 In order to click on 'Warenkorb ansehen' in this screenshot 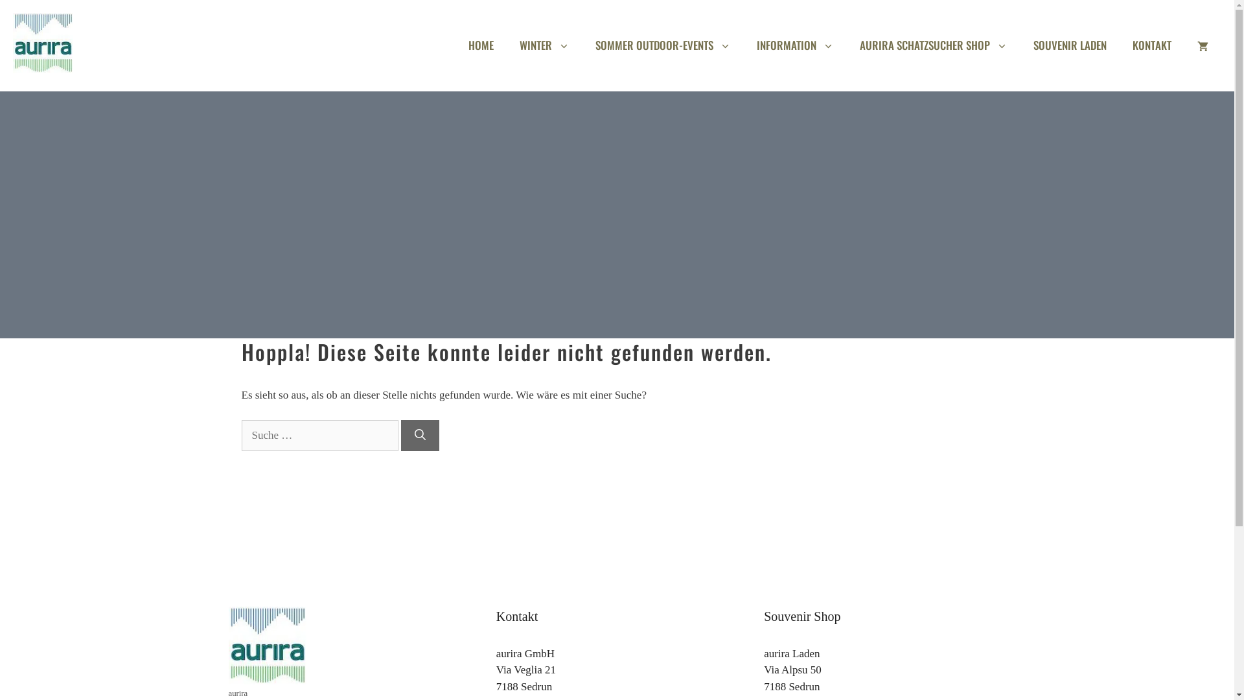, I will do `click(1202, 44)`.